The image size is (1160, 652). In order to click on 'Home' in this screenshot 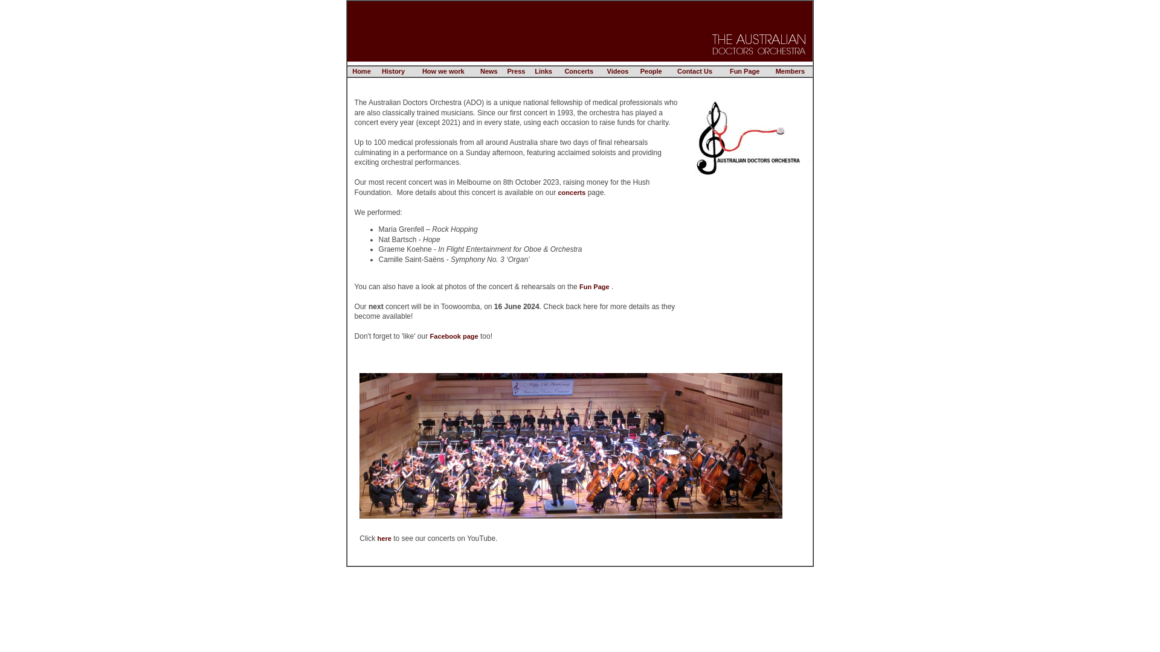, I will do `click(361, 71)`.